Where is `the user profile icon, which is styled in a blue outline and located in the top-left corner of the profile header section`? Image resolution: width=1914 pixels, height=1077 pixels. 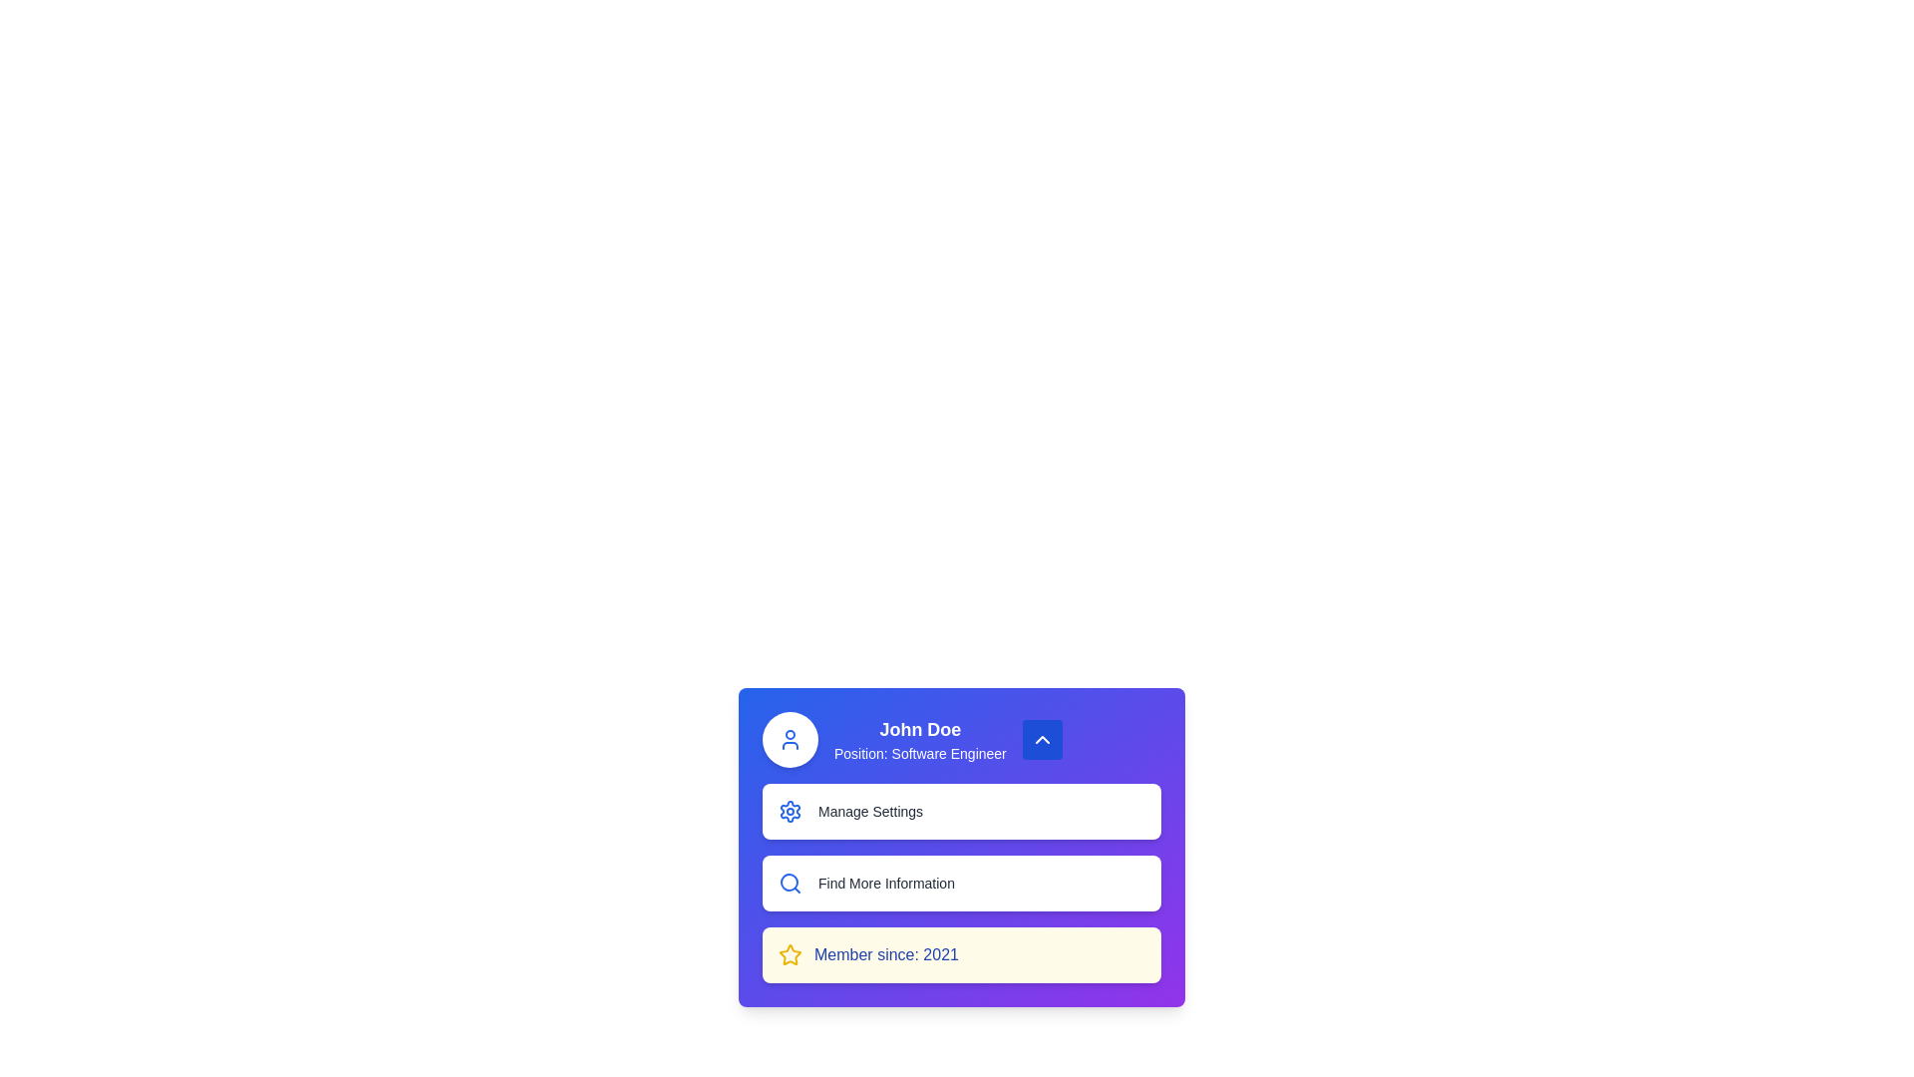
the user profile icon, which is styled in a blue outline and located in the top-left corner of the profile header section is located at coordinates (789, 739).